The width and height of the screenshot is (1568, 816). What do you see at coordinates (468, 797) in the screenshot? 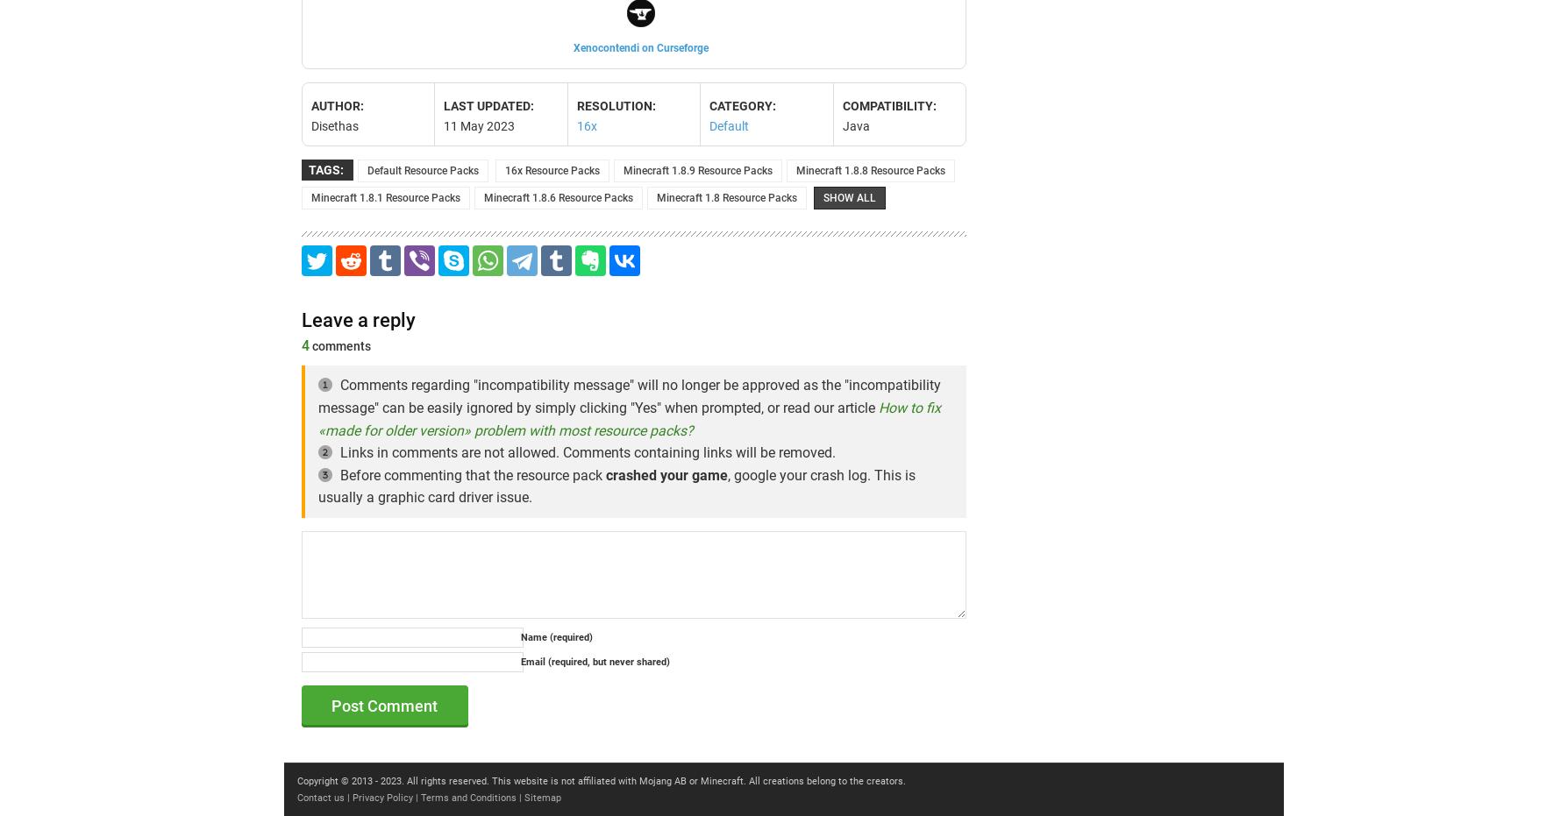
I see `'Terms and Conditions'` at bounding box center [468, 797].